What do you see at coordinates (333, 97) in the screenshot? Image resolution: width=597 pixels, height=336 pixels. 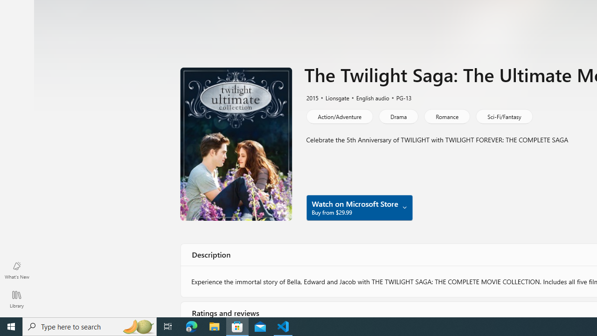 I see `'Lionsgate'` at bounding box center [333, 97].